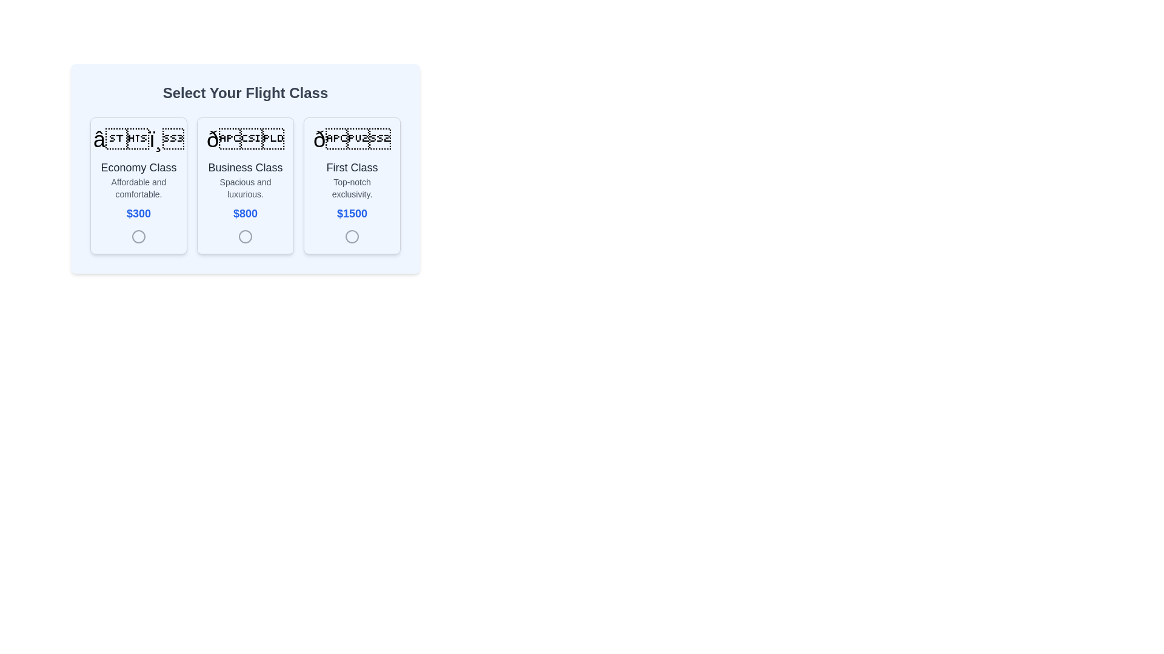  What do you see at coordinates (244, 236) in the screenshot?
I see `the circular icon with a gray border located at the bottom-center of the 'Business Class' card` at bounding box center [244, 236].